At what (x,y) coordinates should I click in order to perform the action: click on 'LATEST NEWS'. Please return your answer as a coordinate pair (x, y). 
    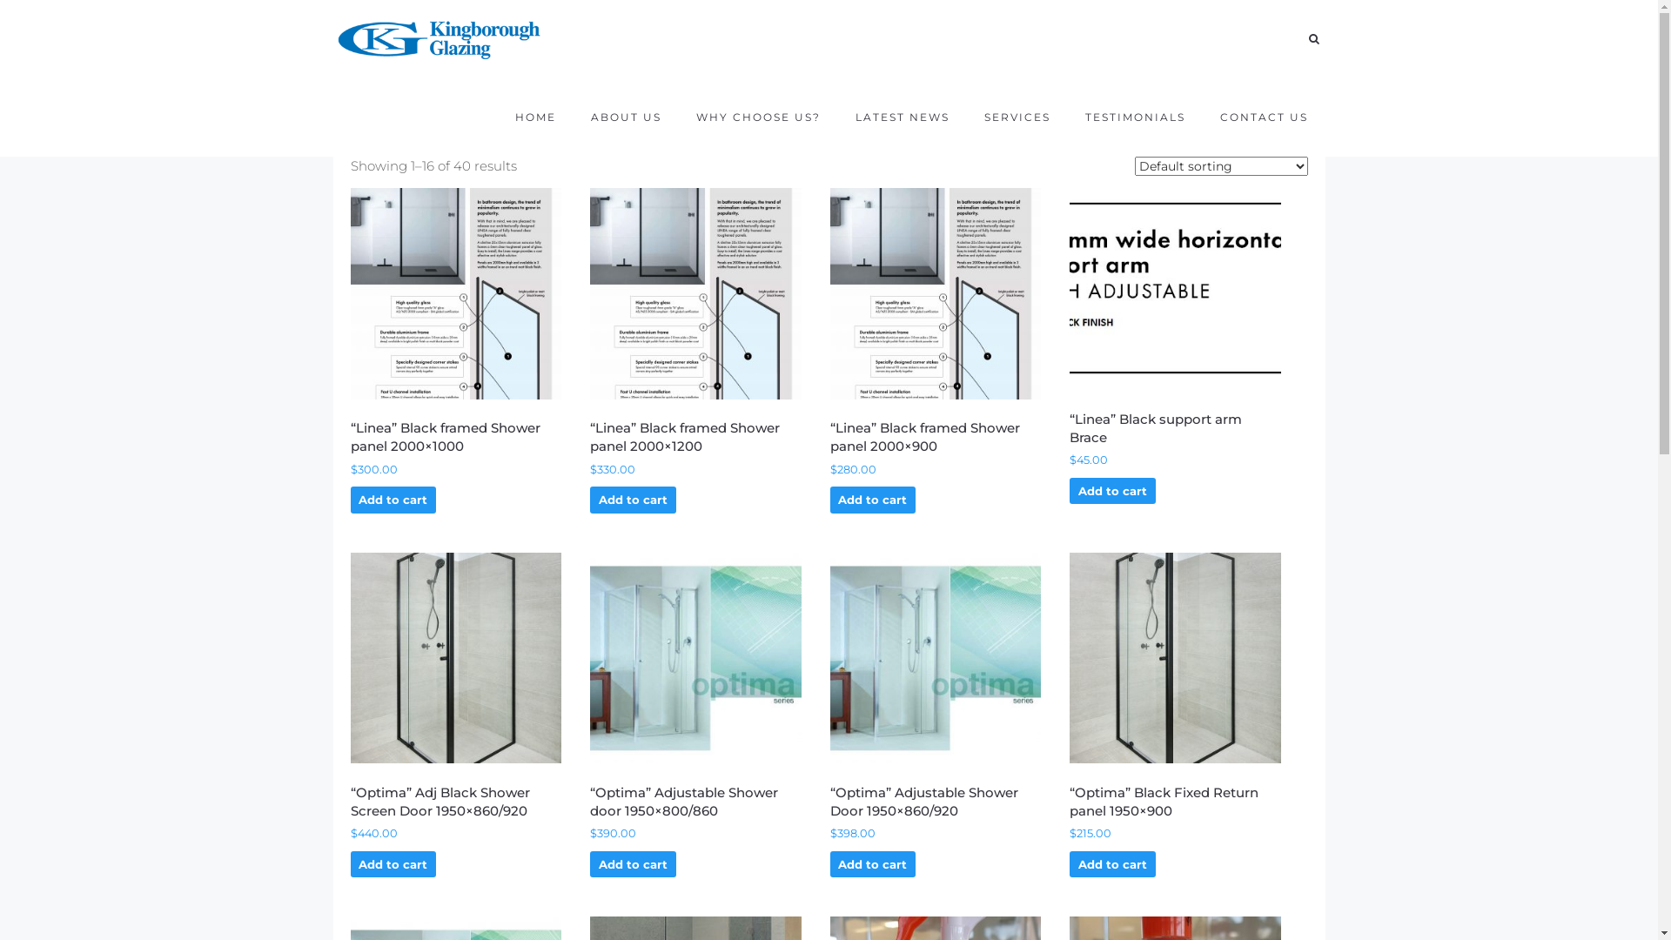
    Looking at the image, I should click on (902, 117).